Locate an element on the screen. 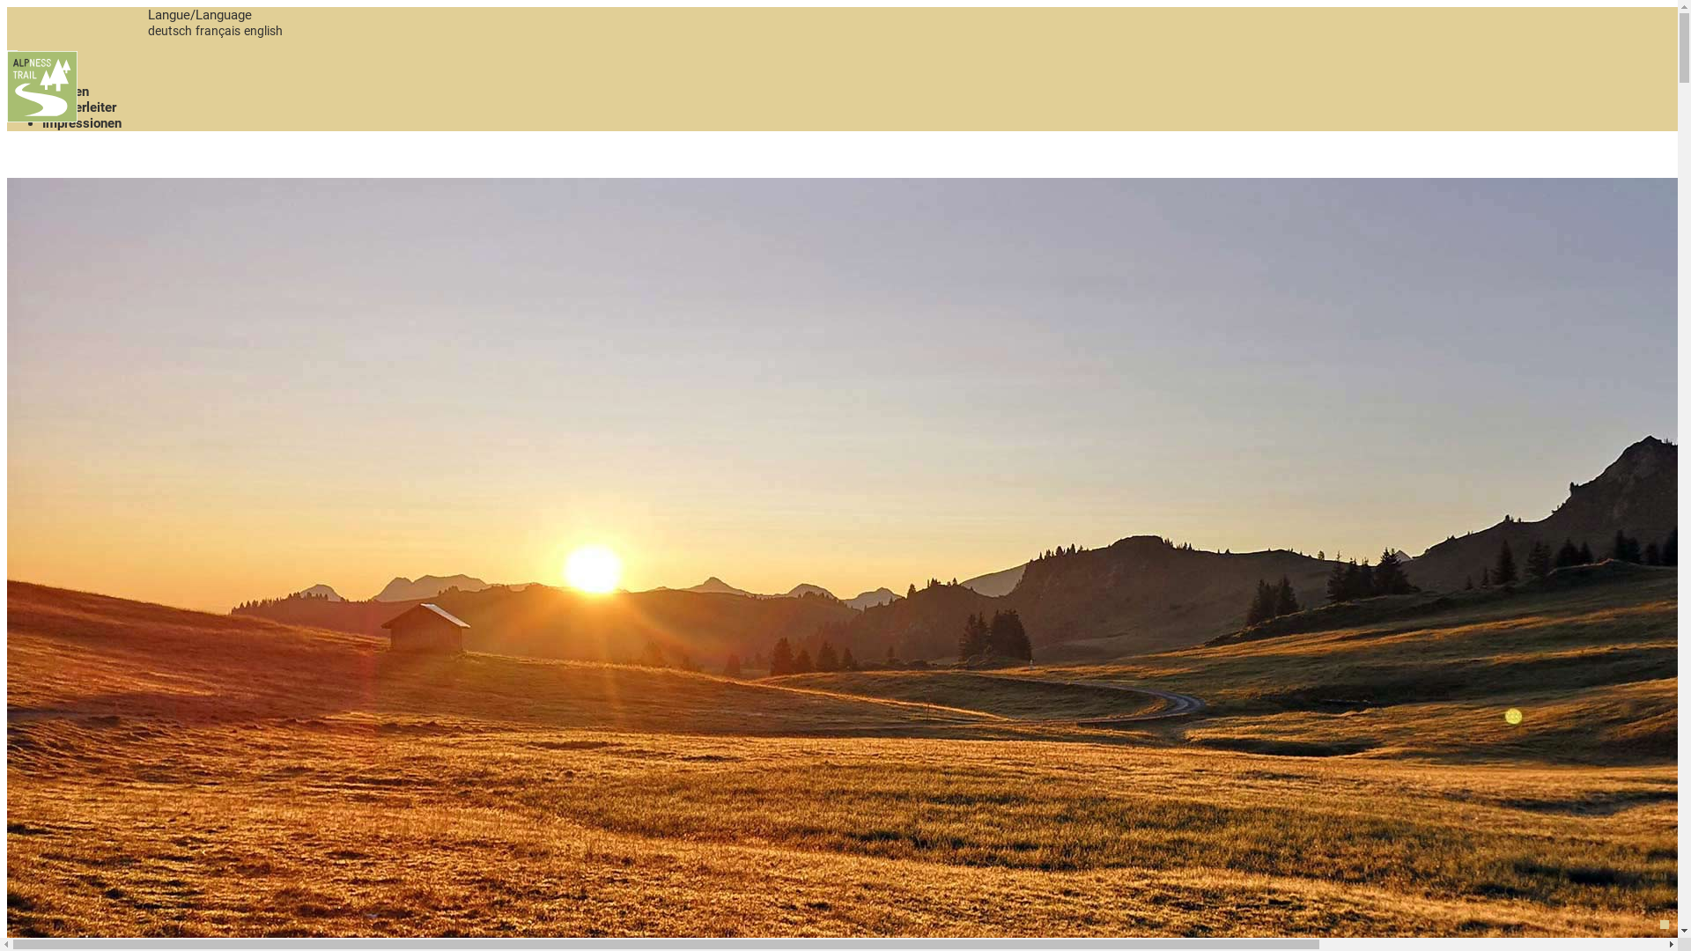 The height and width of the screenshot is (951, 1691). 'Karte' is located at coordinates (58, 74).